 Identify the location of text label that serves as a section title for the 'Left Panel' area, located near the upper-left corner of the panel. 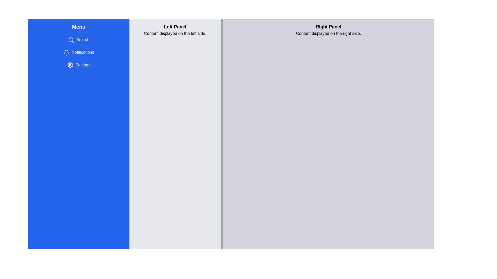
(175, 27).